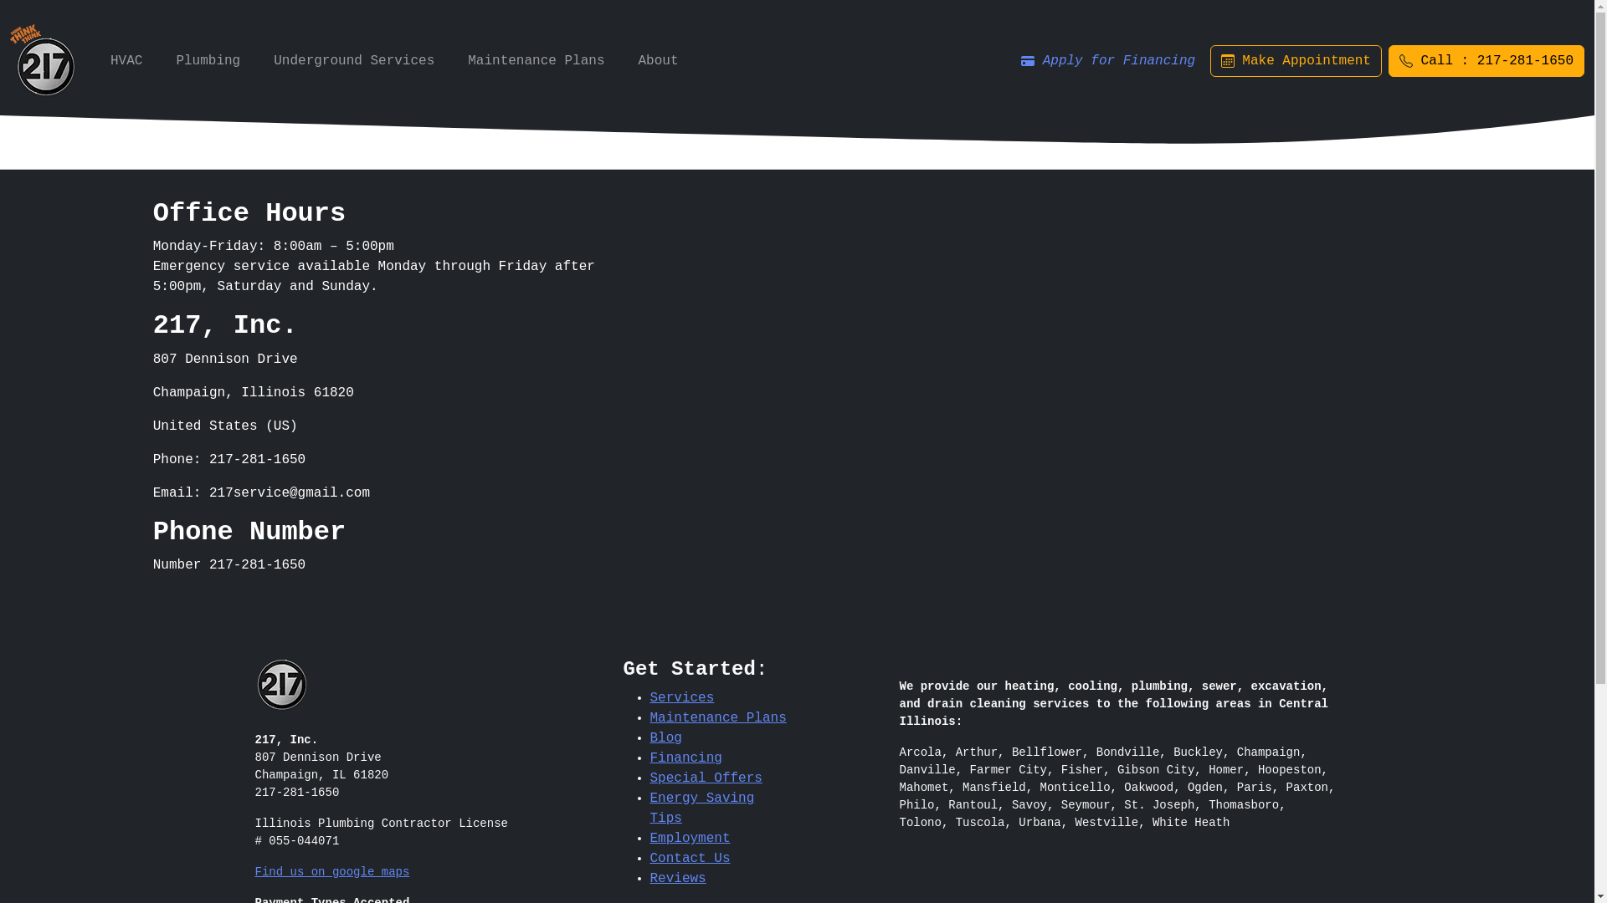 The image size is (1607, 903). Describe the element at coordinates (331, 870) in the screenshot. I see `'Find us on google maps'` at that location.